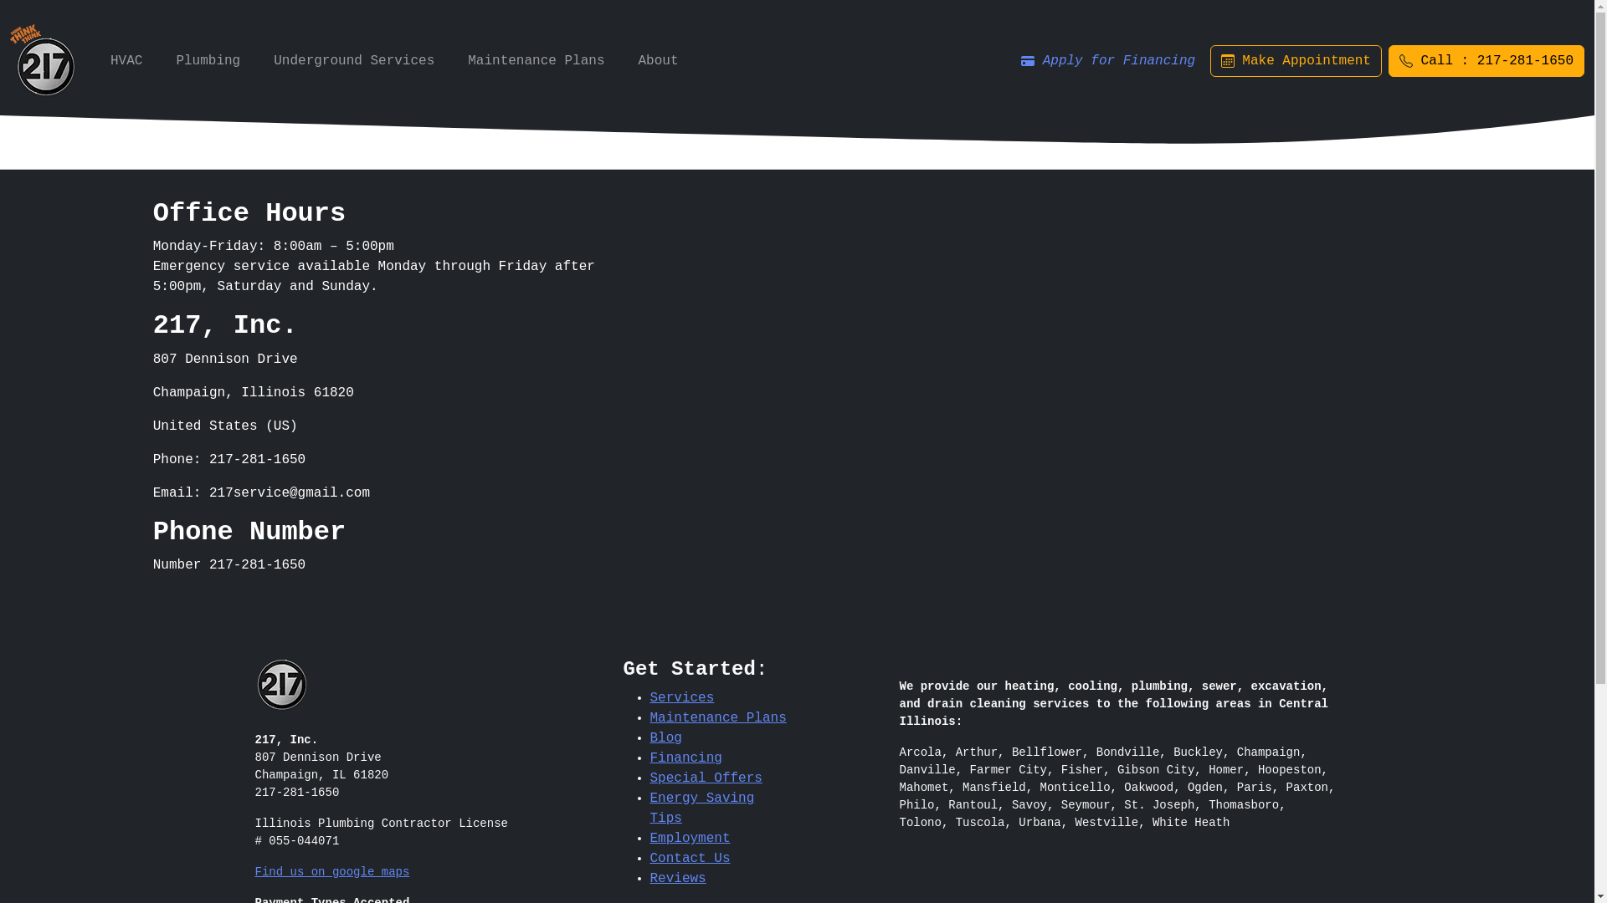 The image size is (1607, 903). Describe the element at coordinates (331, 870) in the screenshot. I see `'Find us on google maps'` at that location.